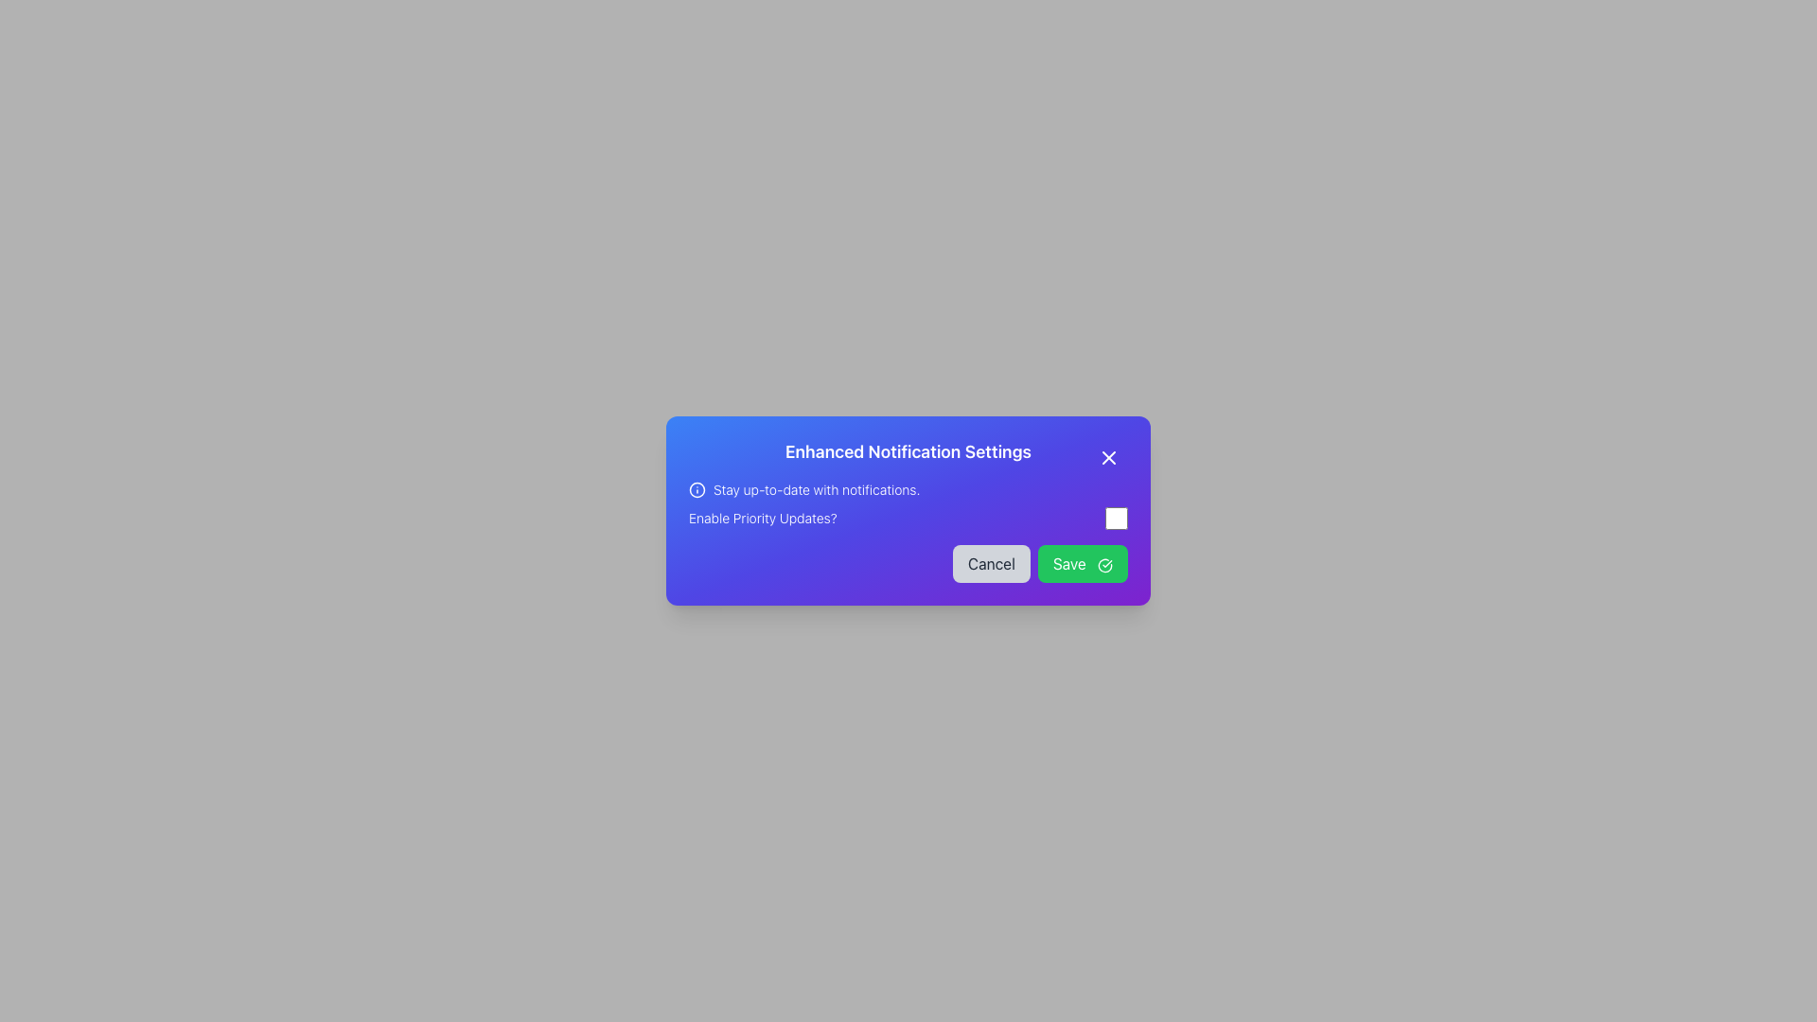 The width and height of the screenshot is (1817, 1022). Describe the element at coordinates (697, 488) in the screenshot. I see `the circular information icon located to the left of the text 'Stay up-to-date with notifications.' in the modal's content area` at that location.